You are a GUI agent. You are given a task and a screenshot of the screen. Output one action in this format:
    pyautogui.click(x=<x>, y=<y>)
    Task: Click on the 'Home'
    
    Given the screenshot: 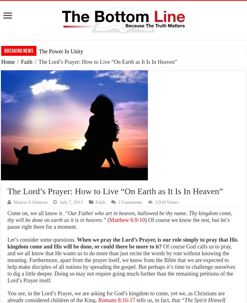 What is the action you would take?
    pyautogui.click(x=8, y=62)
    